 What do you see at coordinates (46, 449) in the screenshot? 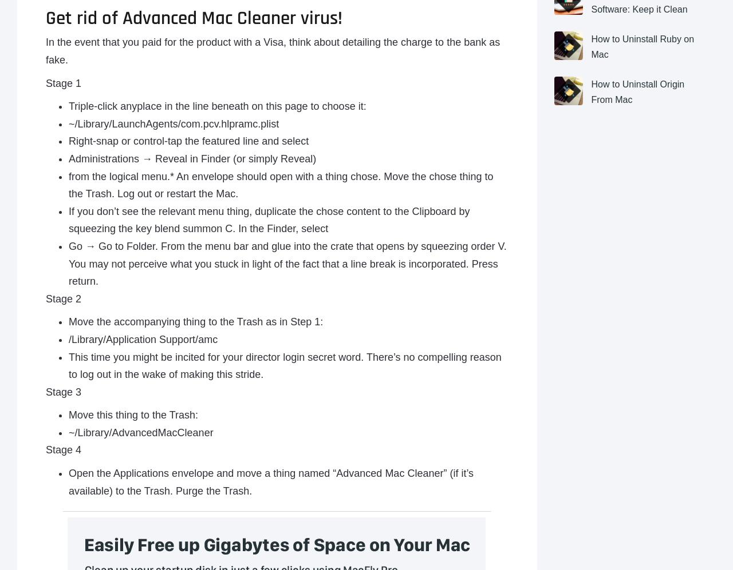
I see `'Stage 4'` at bounding box center [46, 449].